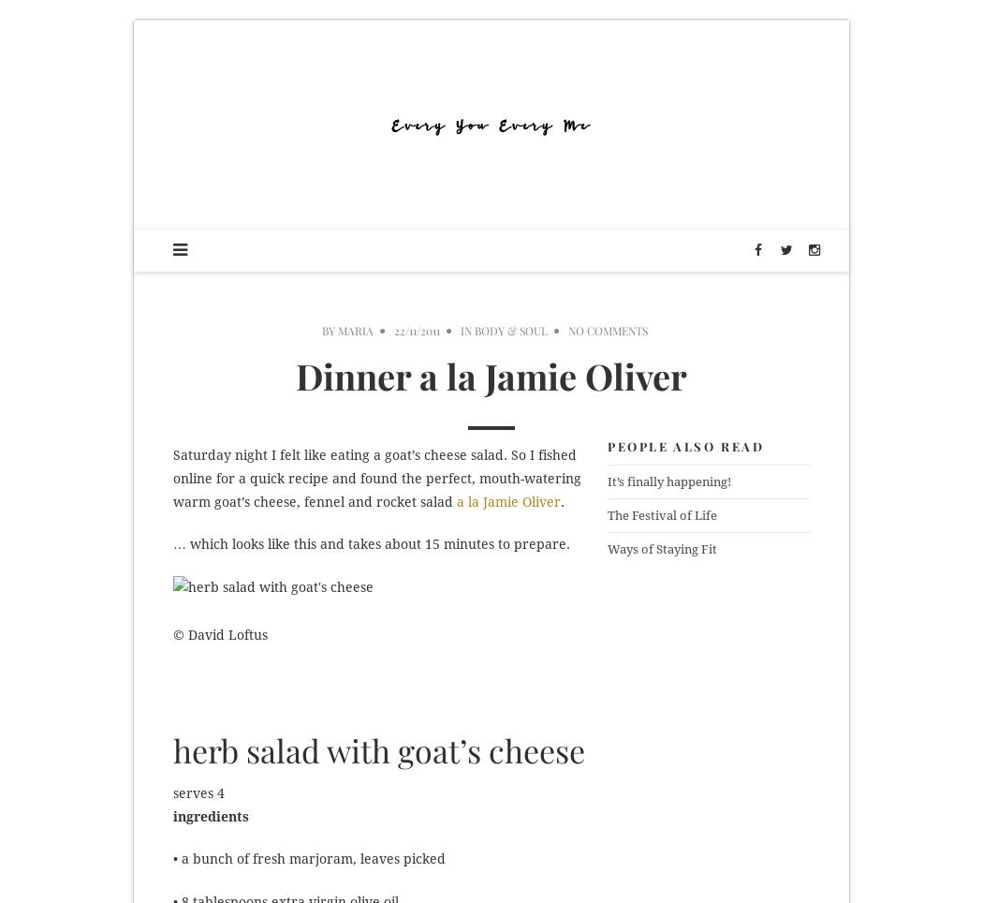 The height and width of the screenshot is (903, 983). Describe the element at coordinates (684, 445) in the screenshot. I see `'People Also Read'` at that location.